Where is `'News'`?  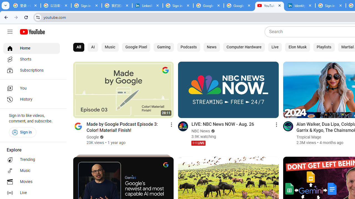 'News' is located at coordinates (211, 47).